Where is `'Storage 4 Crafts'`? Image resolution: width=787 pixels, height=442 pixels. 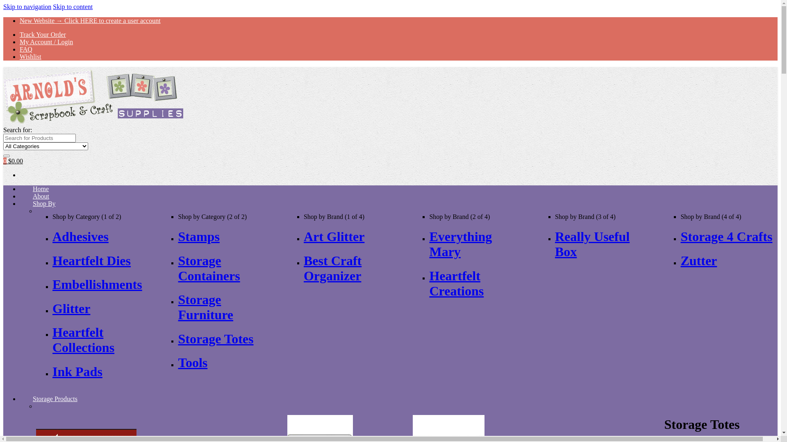 'Storage 4 Crafts' is located at coordinates (726, 237).